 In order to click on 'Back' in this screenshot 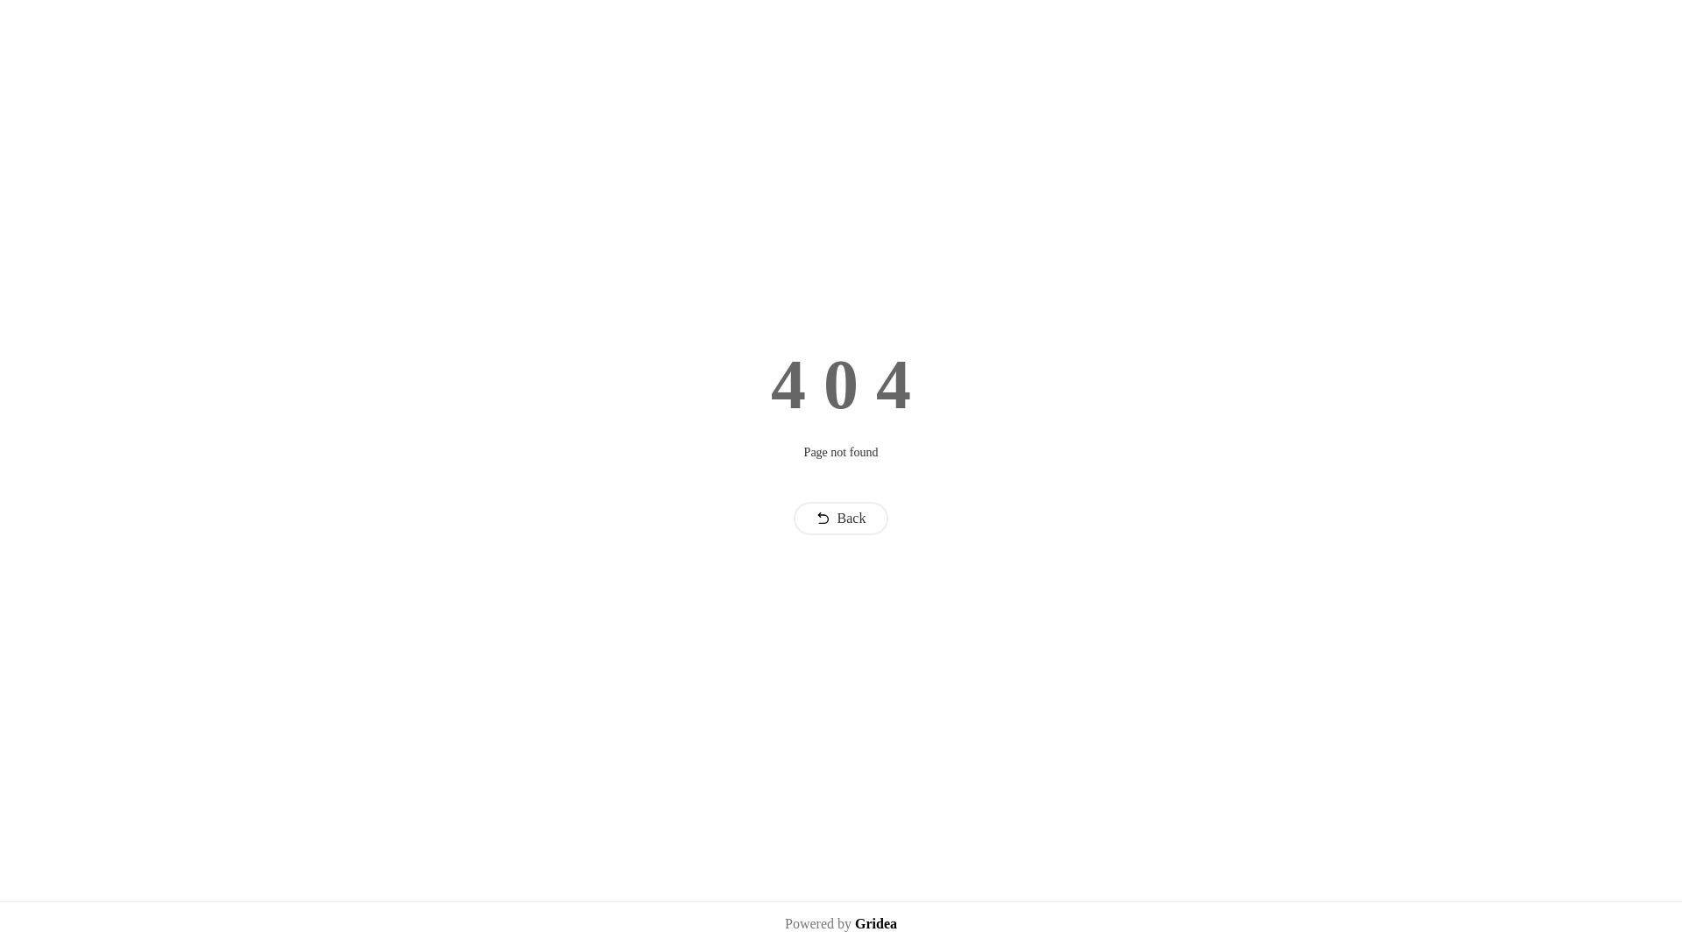, I will do `click(841, 517)`.